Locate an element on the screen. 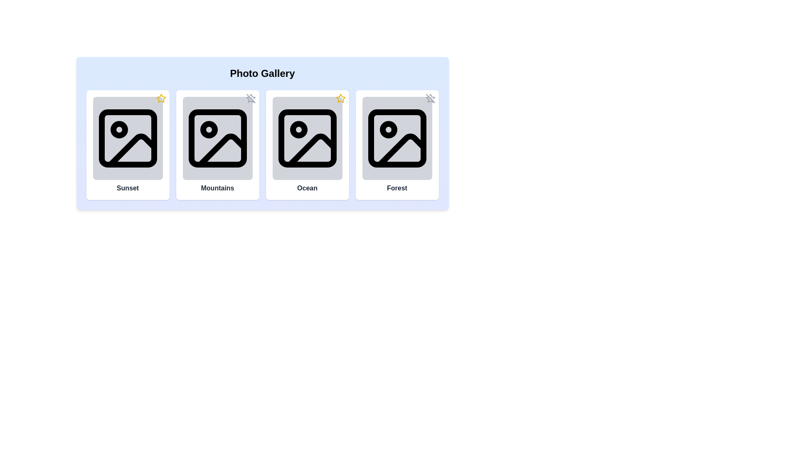 This screenshot has height=449, width=798. the photo titled Forest to view and focus on it is located at coordinates (397, 138).